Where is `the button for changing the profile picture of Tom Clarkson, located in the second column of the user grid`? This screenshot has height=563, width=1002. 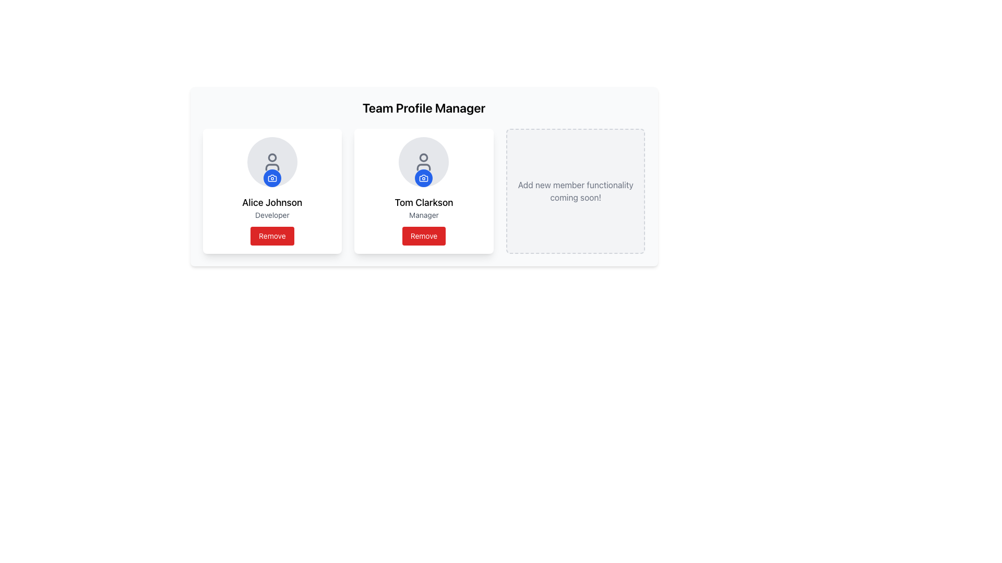
the button for changing the profile picture of Tom Clarkson, located in the second column of the user grid is located at coordinates (424, 178).